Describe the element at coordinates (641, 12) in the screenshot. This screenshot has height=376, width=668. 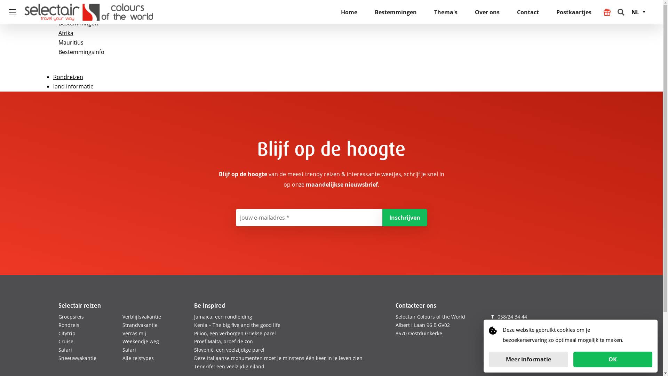
I see `'NL'` at that location.